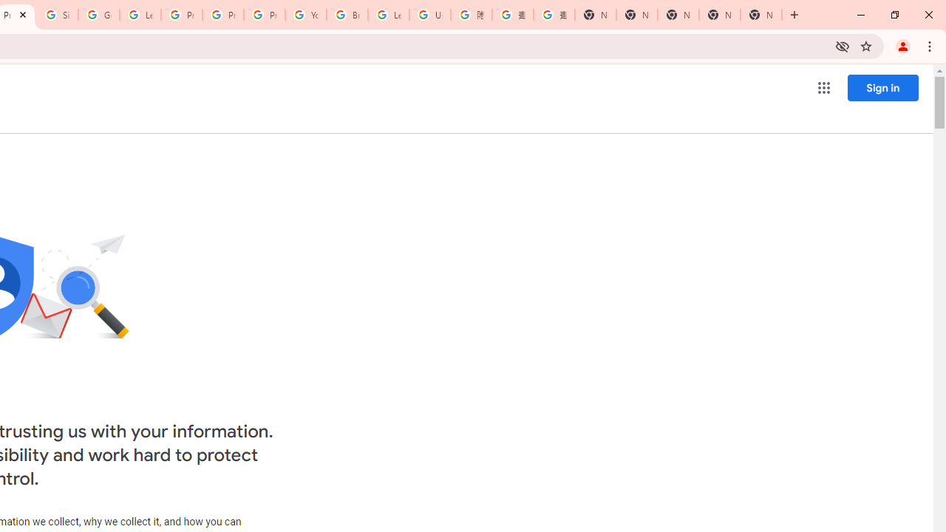 The width and height of the screenshot is (946, 532). Describe the element at coordinates (761, 15) in the screenshot. I see `'New Tab'` at that location.